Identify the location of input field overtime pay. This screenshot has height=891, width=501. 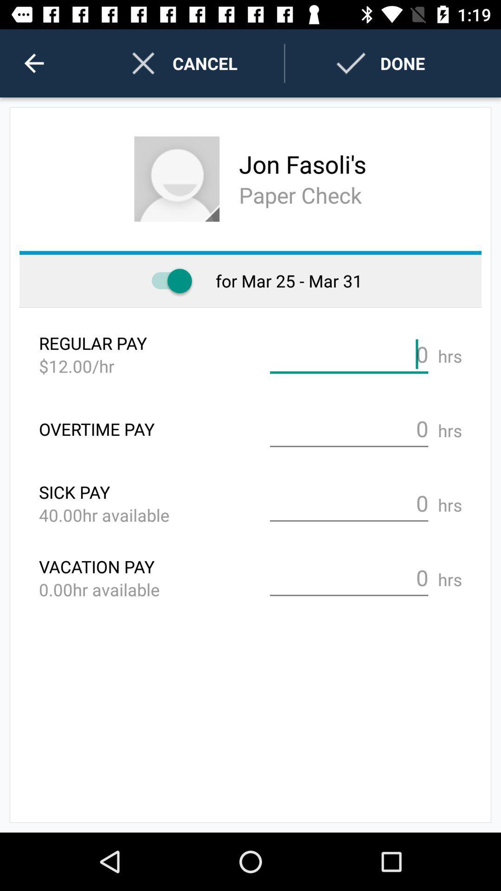
(349, 428).